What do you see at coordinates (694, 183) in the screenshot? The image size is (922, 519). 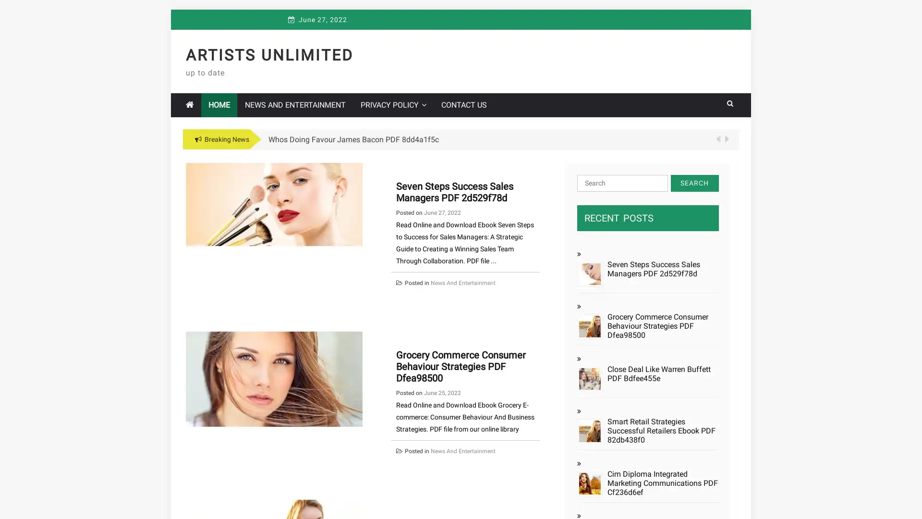 I see `Search` at bounding box center [694, 183].